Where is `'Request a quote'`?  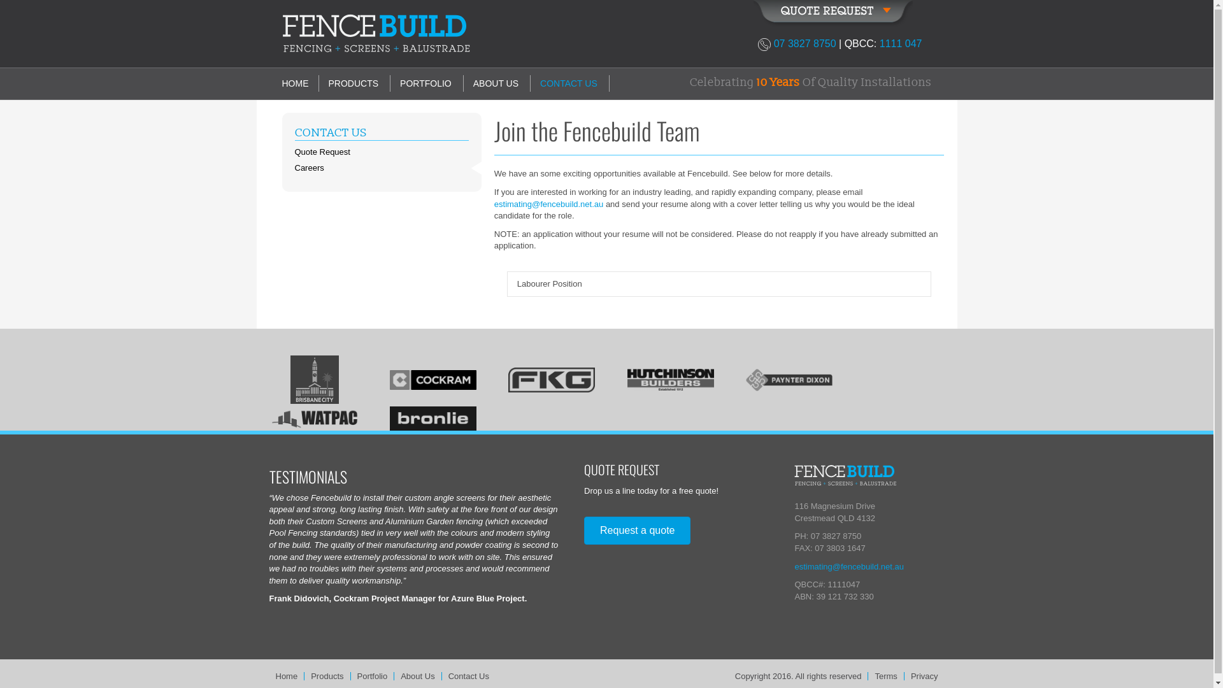 'Request a quote' is located at coordinates (637, 531).